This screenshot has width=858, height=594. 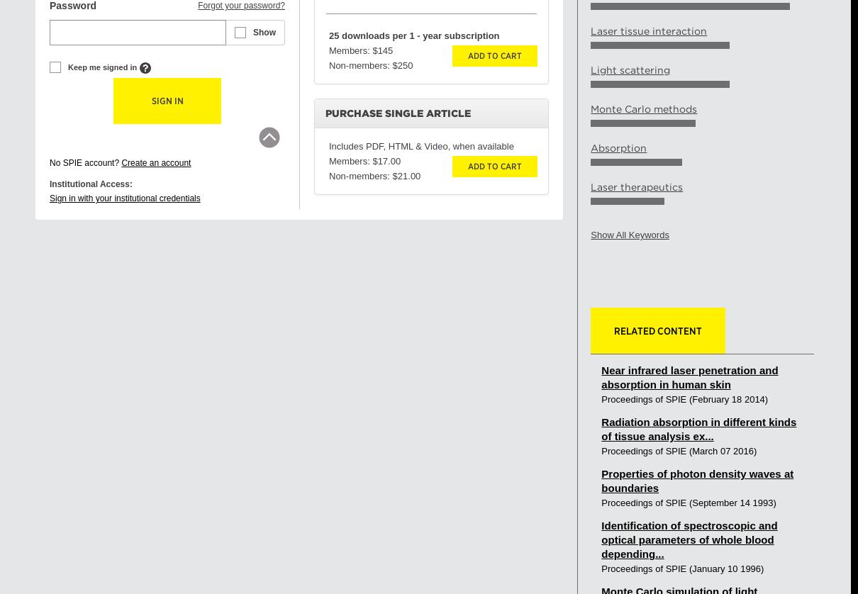 What do you see at coordinates (689, 377) in the screenshot?
I see `'Near infrared laser penetration and absorption in human skin'` at bounding box center [689, 377].